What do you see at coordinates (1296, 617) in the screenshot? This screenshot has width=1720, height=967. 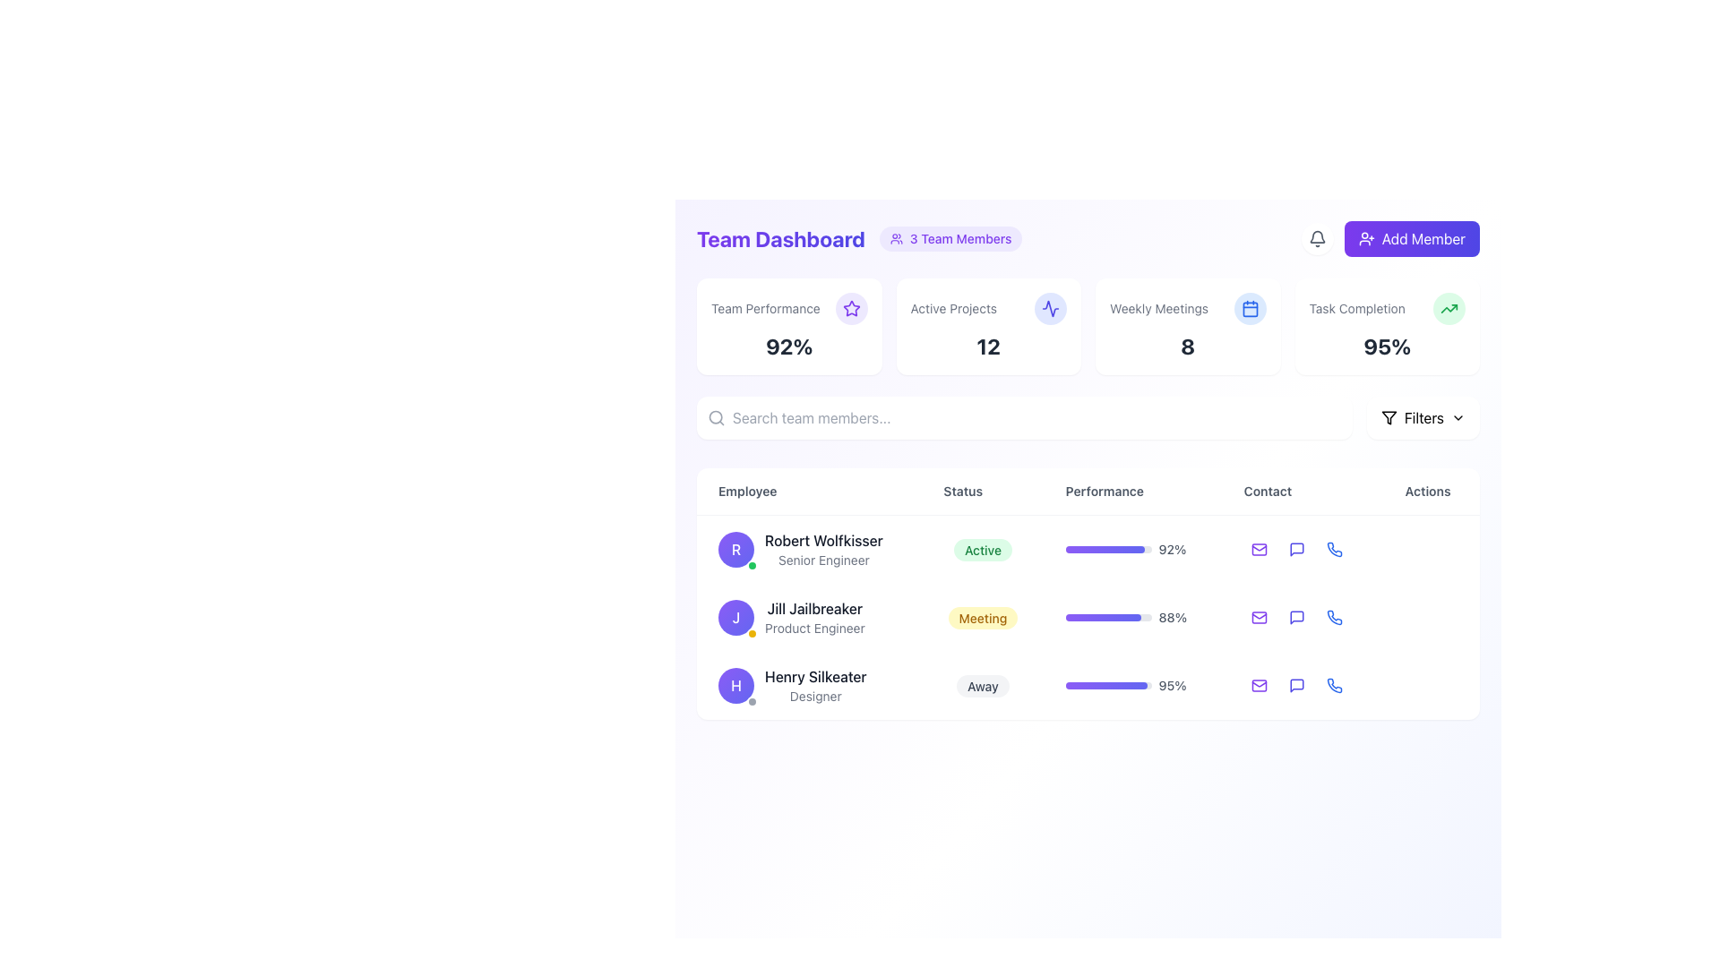 I see `the speech-bubble-shaped icon button in the 'Contact' column of the second row (employee Jill Jailbreaker) in the team dashboard table` at bounding box center [1296, 617].